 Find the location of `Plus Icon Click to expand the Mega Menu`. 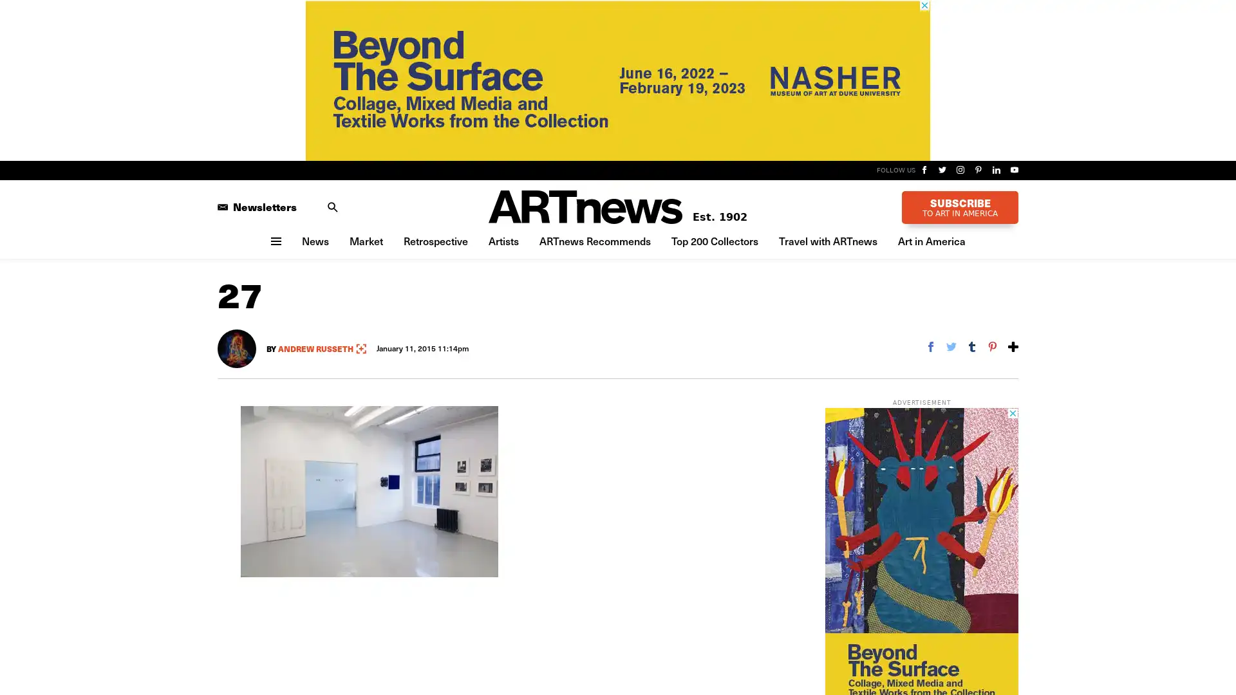

Plus Icon Click to expand the Mega Menu is located at coordinates (274, 241).